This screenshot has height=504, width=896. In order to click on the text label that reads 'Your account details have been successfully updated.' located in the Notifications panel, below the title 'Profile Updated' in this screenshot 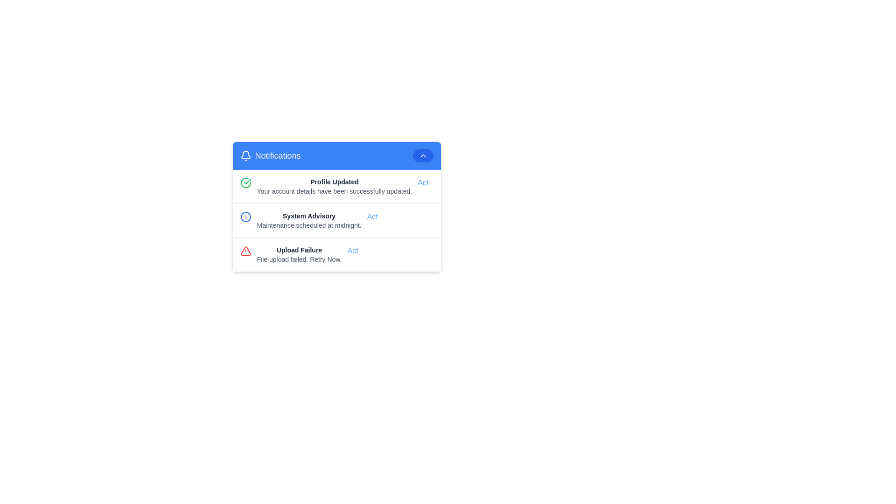, I will do `click(334, 190)`.